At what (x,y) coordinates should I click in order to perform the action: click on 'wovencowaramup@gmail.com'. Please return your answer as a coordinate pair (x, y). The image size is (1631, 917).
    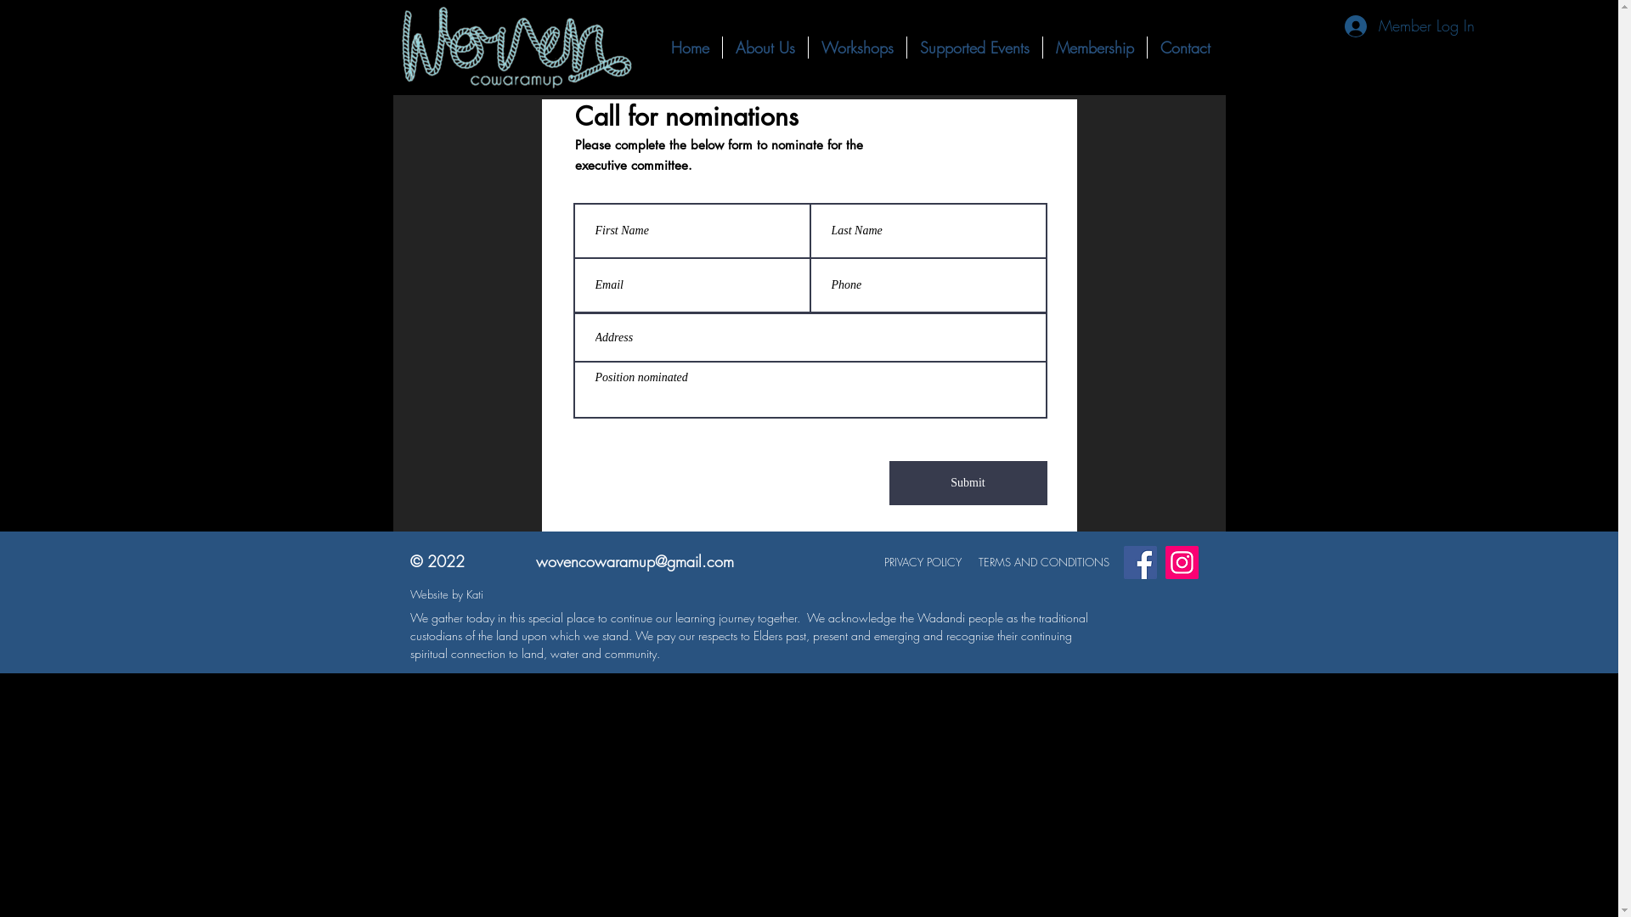
    Looking at the image, I should click on (633, 560).